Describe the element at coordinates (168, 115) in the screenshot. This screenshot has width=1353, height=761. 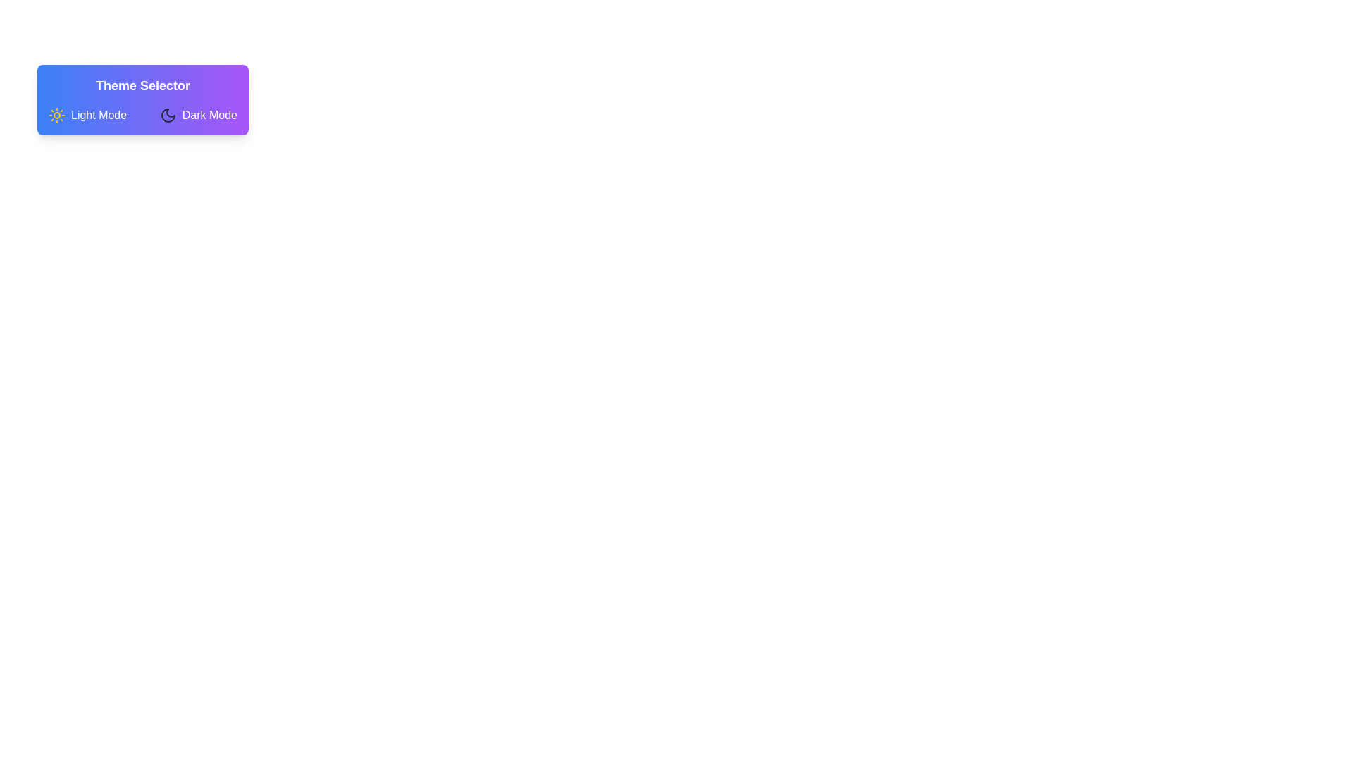
I see `the crescent moon icon located in the lower right corner of the 'Theme Selector' card` at that location.